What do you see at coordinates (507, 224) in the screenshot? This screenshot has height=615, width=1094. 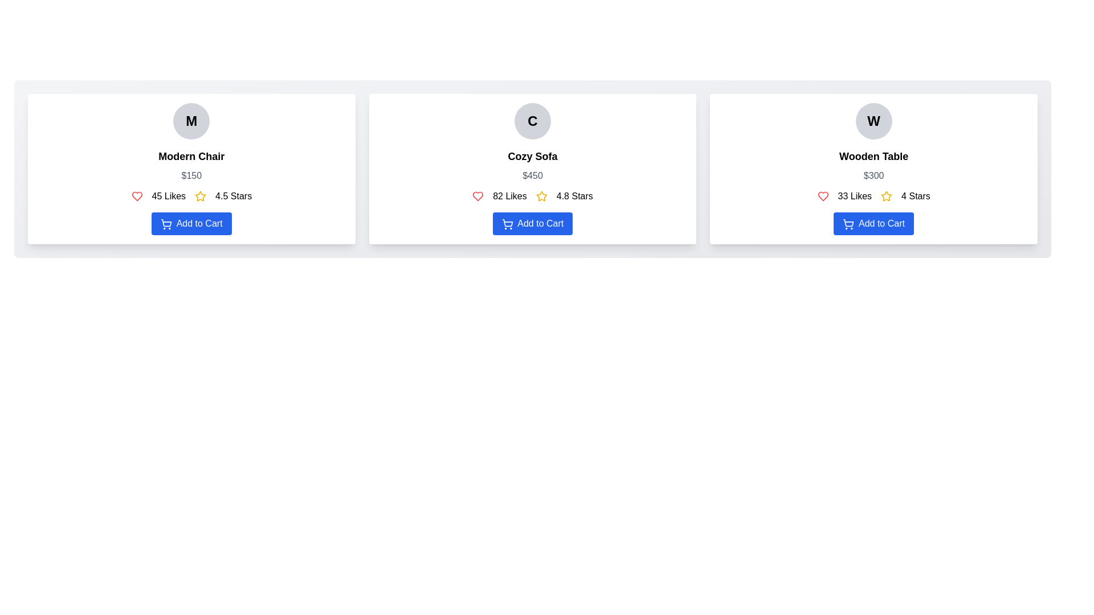 I see `the icon that indicates the function of the 'Add to Cart' button for the 'Cozy Sofa' product card, which is located towards the left within the button area` at bounding box center [507, 224].